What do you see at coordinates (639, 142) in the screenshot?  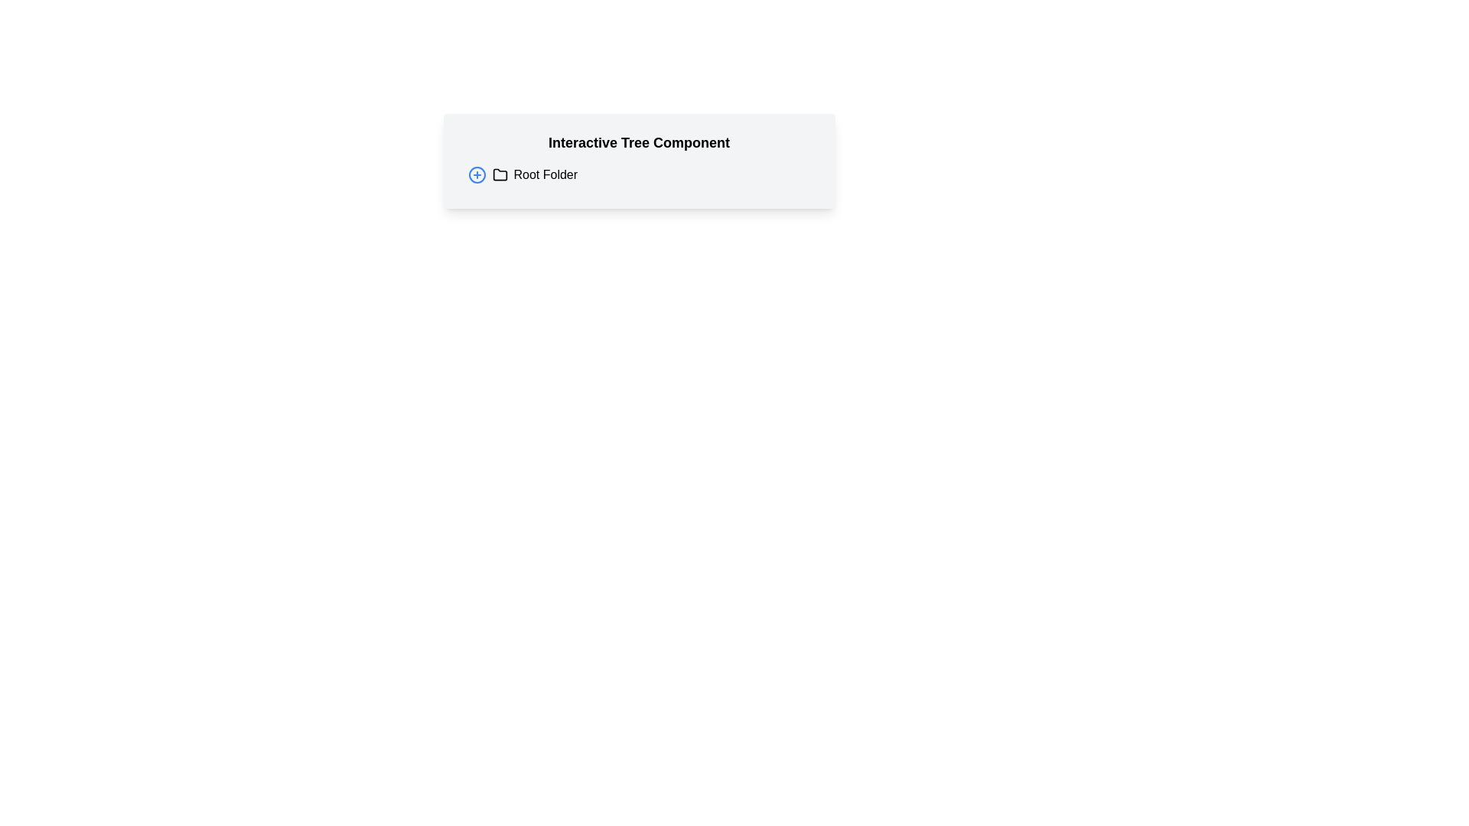 I see `the Heading that introduces the content or functionality of the interface section, located above elements like 'Root Folder' with icons` at bounding box center [639, 142].